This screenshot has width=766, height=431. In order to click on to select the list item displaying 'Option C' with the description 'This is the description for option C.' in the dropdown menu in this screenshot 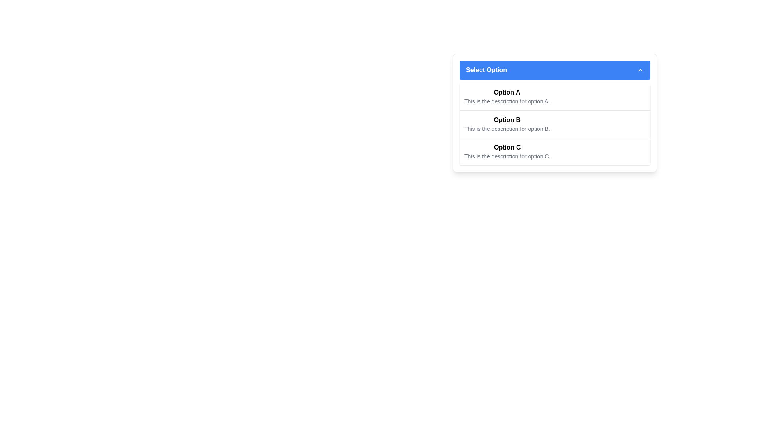, I will do `click(555, 152)`.